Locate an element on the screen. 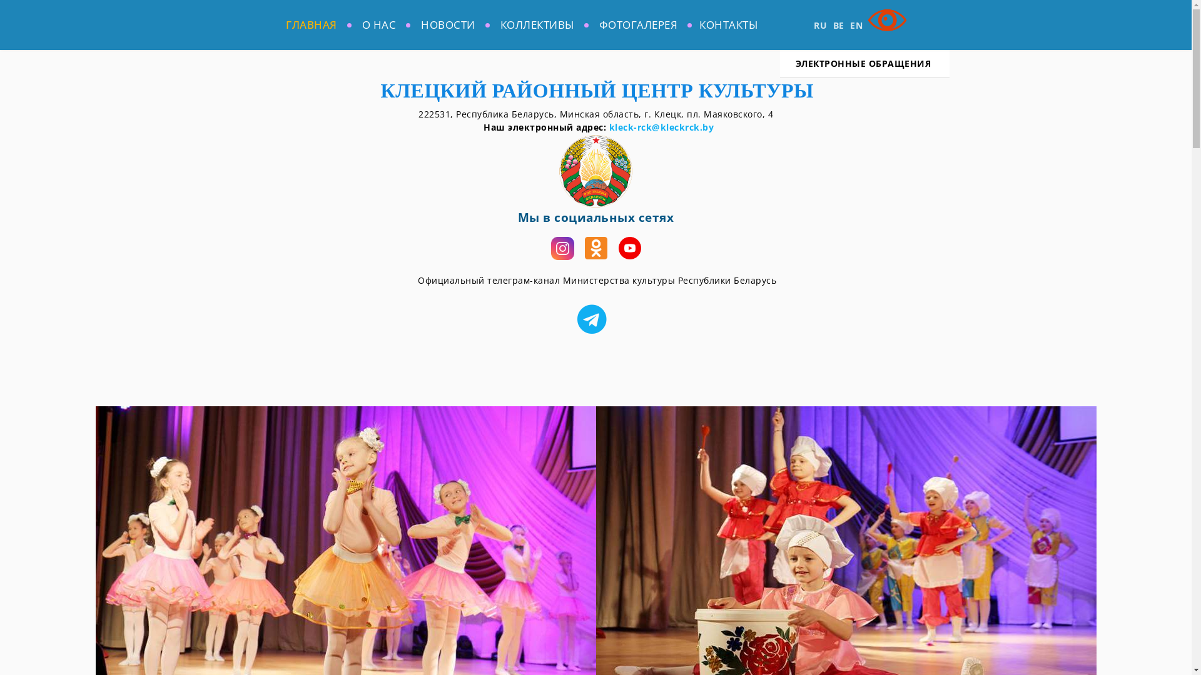  'BE' is located at coordinates (838, 24).